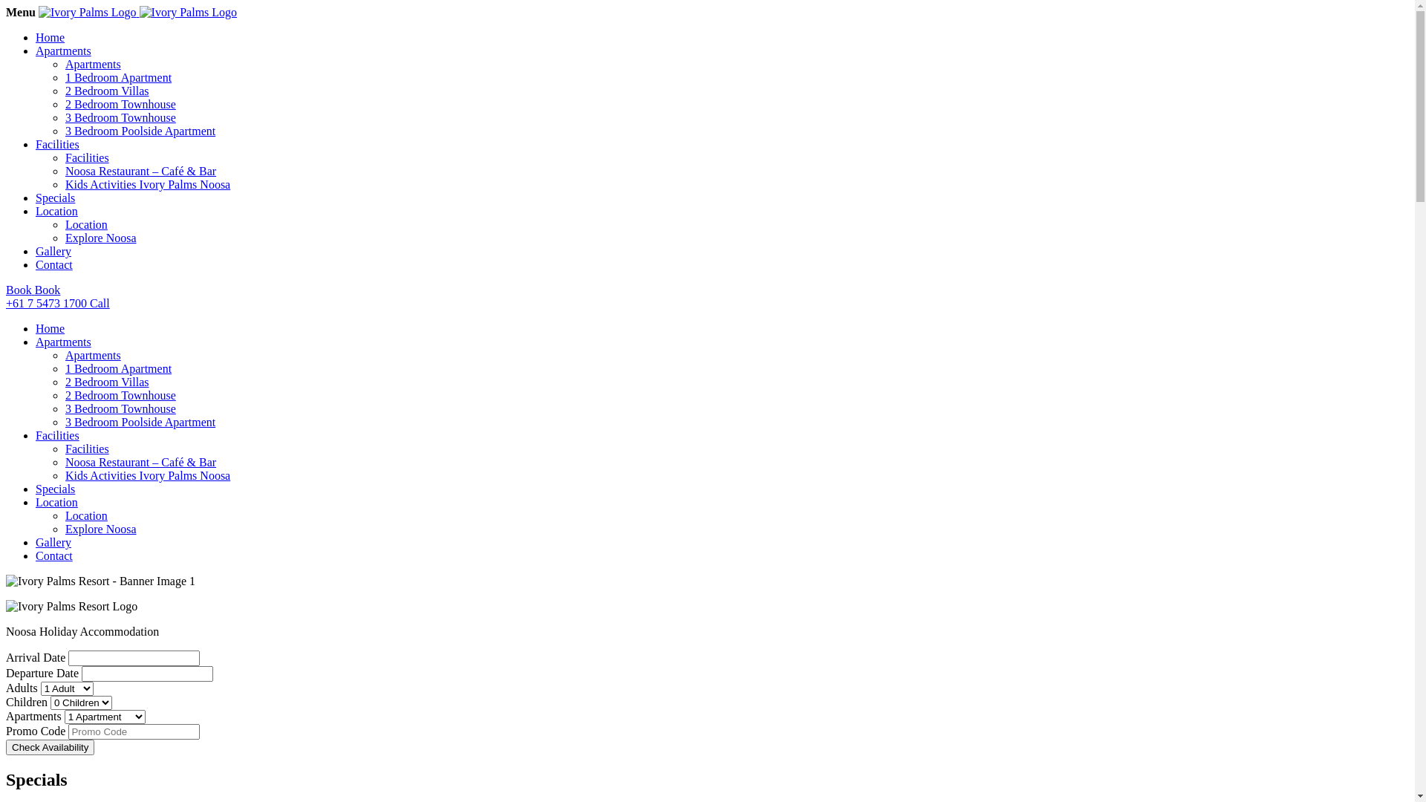 The width and height of the screenshot is (1426, 802). What do you see at coordinates (50, 747) in the screenshot?
I see `'Check Availability'` at bounding box center [50, 747].